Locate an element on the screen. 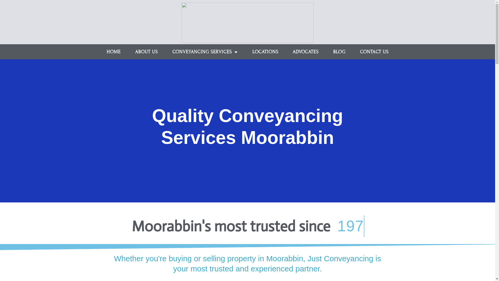 This screenshot has height=281, width=499. 'ADVOCATES' is located at coordinates (285, 52).